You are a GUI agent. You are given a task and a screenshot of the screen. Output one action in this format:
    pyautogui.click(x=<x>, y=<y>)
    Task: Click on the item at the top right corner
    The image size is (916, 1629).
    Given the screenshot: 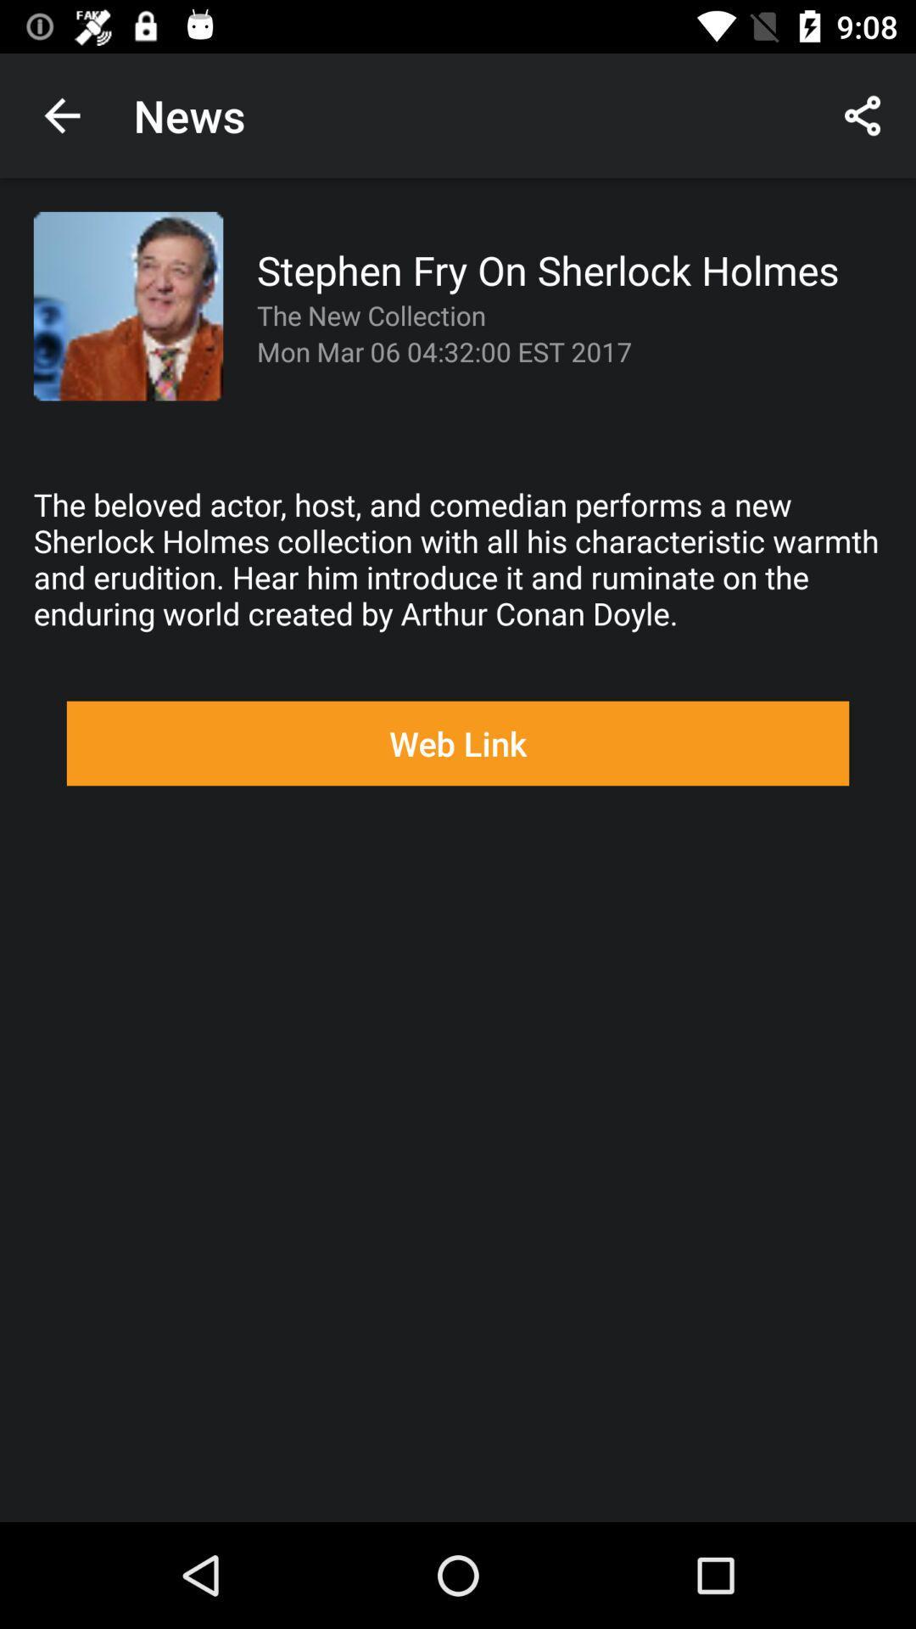 What is the action you would take?
    pyautogui.click(x=863, y=115)
    